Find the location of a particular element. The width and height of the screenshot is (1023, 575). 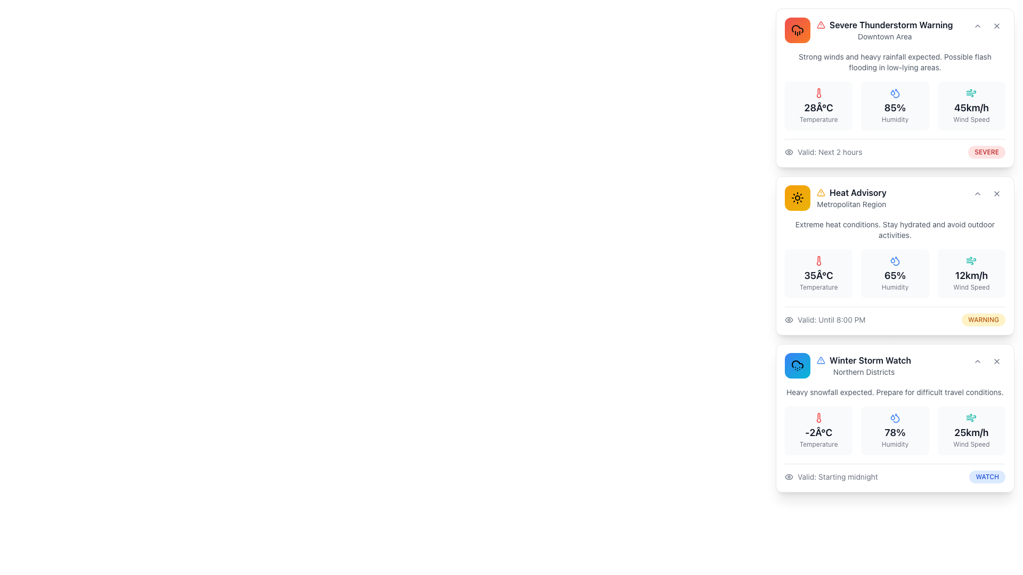

humidity value displayed in the second card of the weather information panel, which shows '78%' is located at coordinates (895, 430).